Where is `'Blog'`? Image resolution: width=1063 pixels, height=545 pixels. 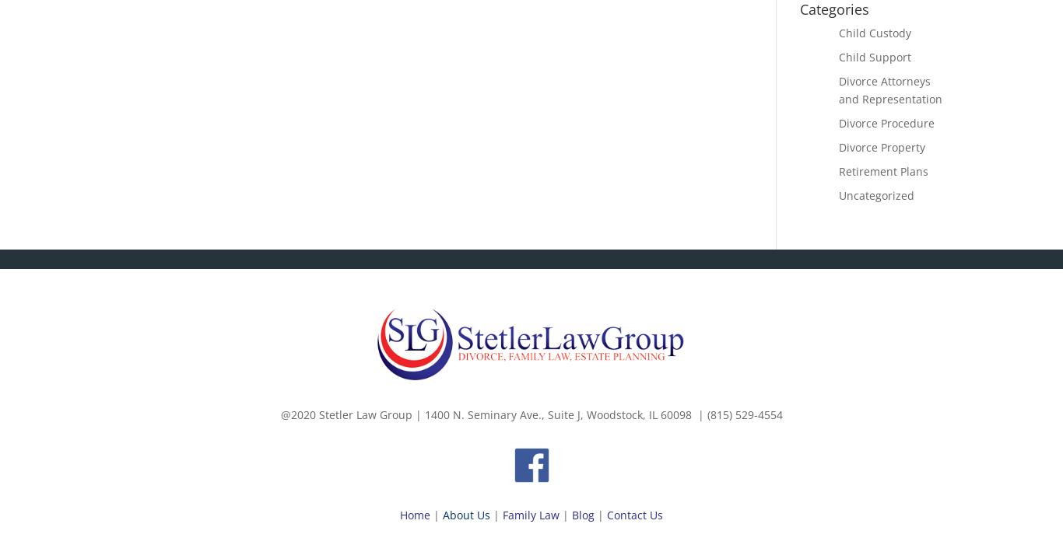
'Blog' is located at coordinates (583, 514).